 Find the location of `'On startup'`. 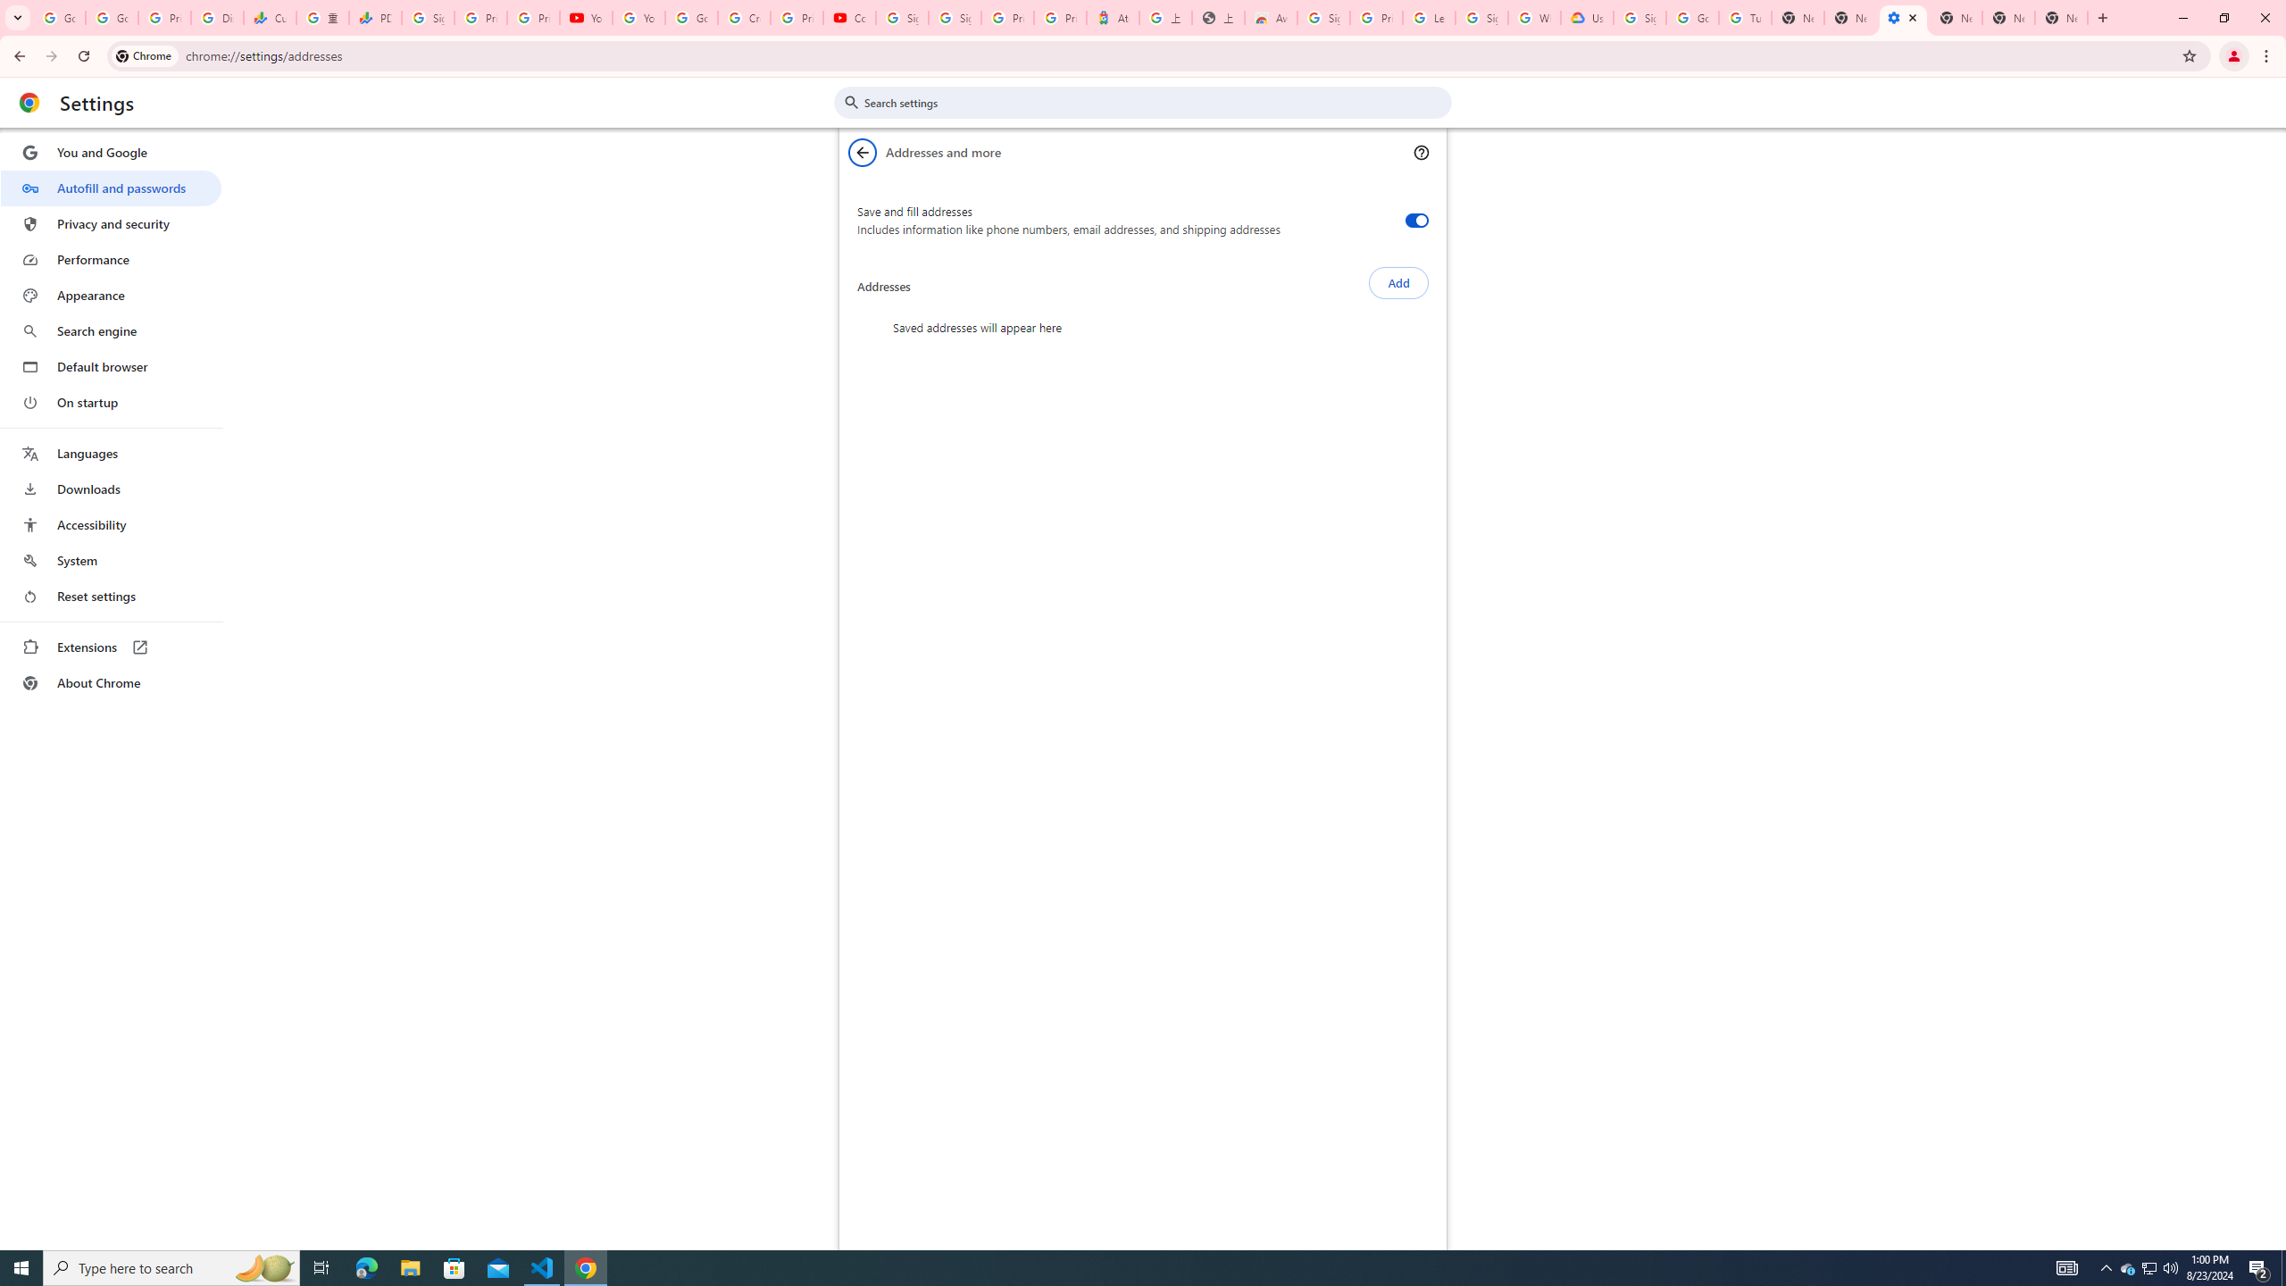

'On startup' is located at coordinates (110, 401).